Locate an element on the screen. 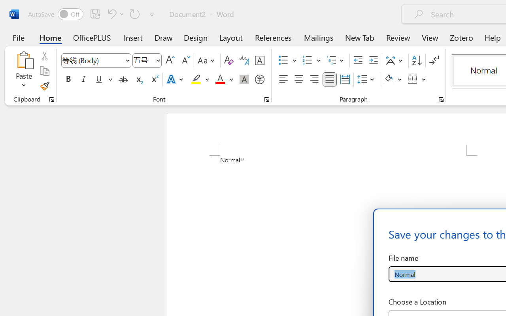  'Font Size' is located at coordinates (147, 60).